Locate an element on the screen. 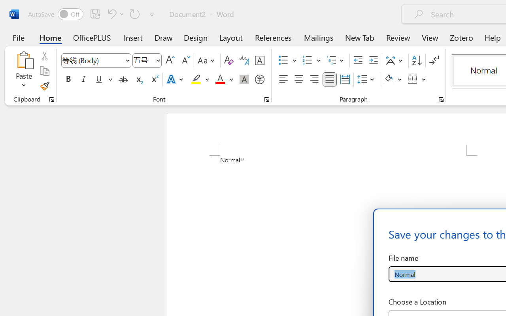  'Font Size' is located at coordinates (147, 60).